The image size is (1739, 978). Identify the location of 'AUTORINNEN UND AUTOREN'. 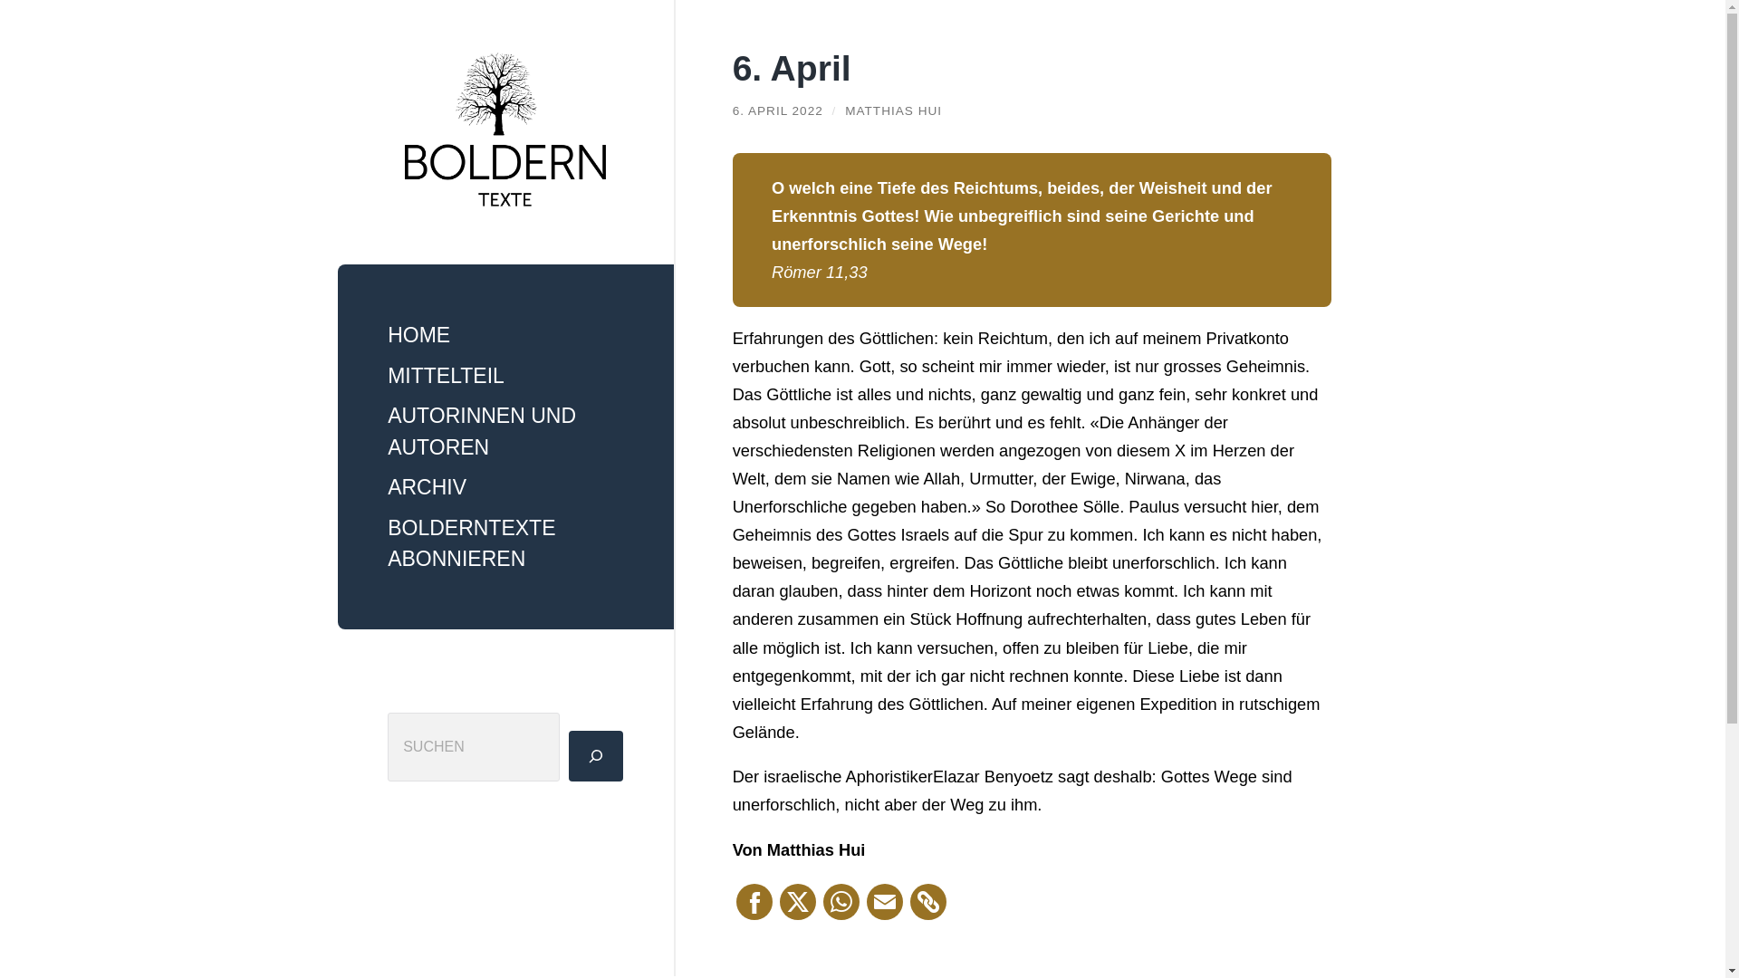
(504, 431).